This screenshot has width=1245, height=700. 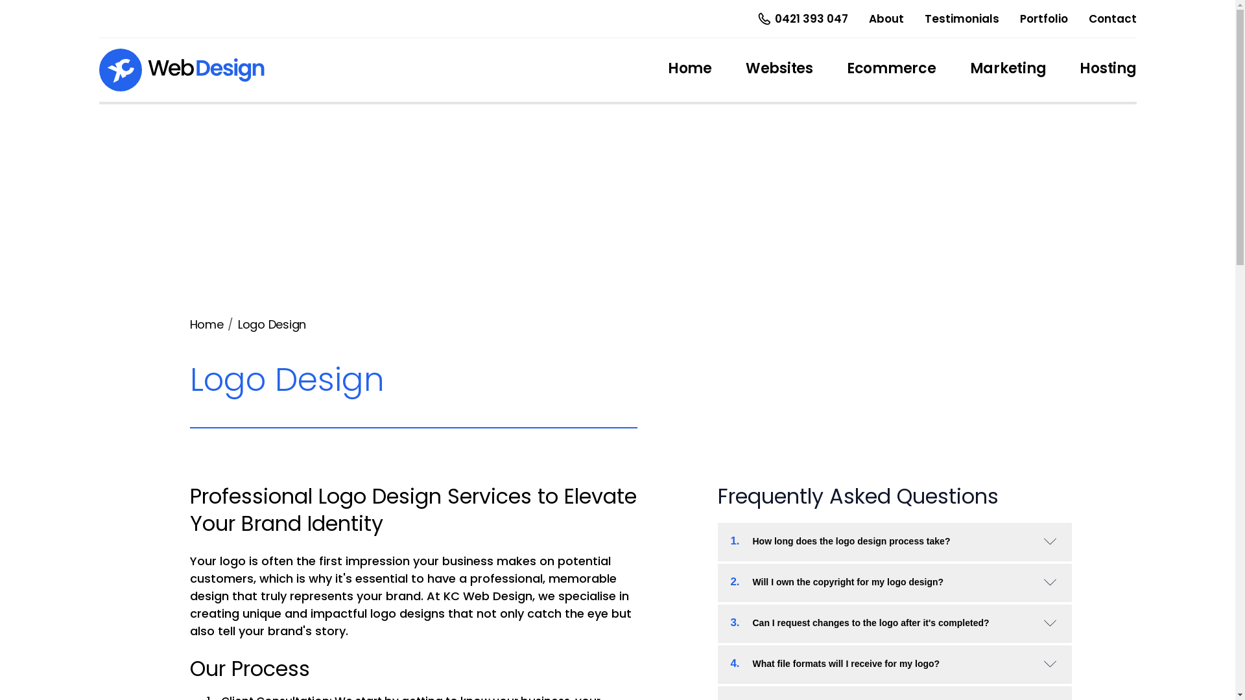 What do you see at coordinates (893, 581) in the screenshot?
I see `'2.` at bounding box center [893, 581].